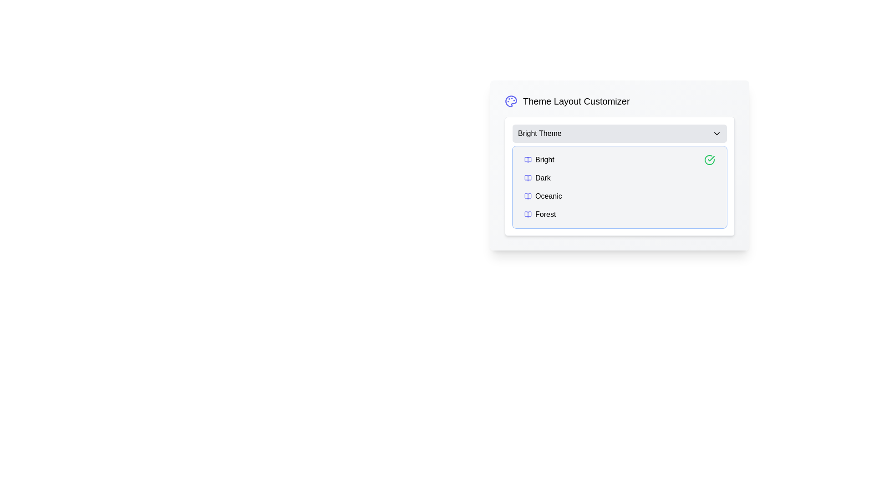 This screenshot has height=491, width=874. Describe the element at coordinates (528, 214) in the screenshot. I see `the open book icon associated with the 'Forest' theme option in the theme layout customizer` at that location.